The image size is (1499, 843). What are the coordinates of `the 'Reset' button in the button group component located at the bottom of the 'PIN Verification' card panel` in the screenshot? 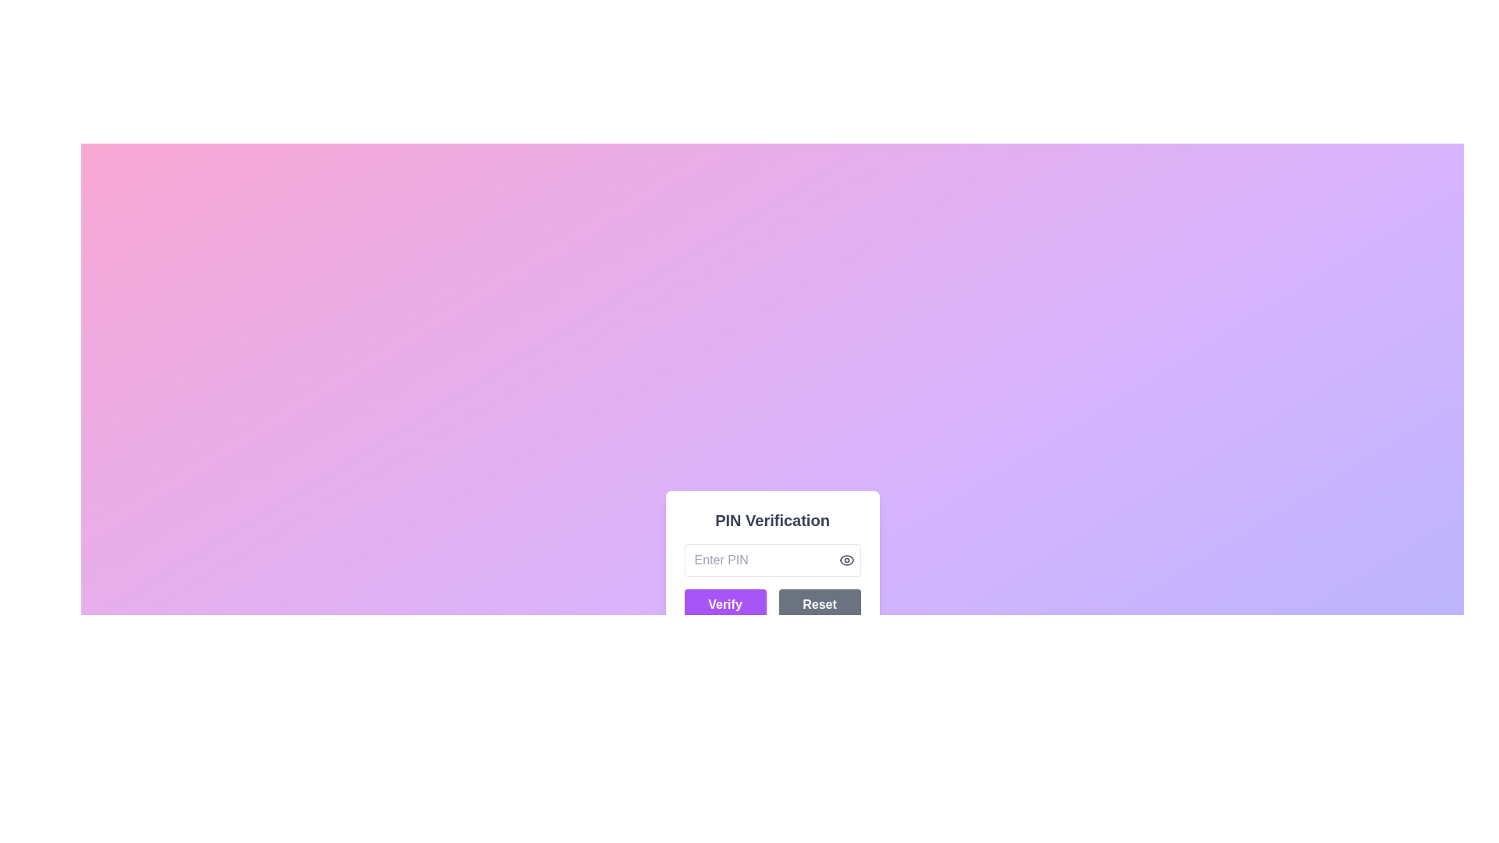 It's located at (772, 604).